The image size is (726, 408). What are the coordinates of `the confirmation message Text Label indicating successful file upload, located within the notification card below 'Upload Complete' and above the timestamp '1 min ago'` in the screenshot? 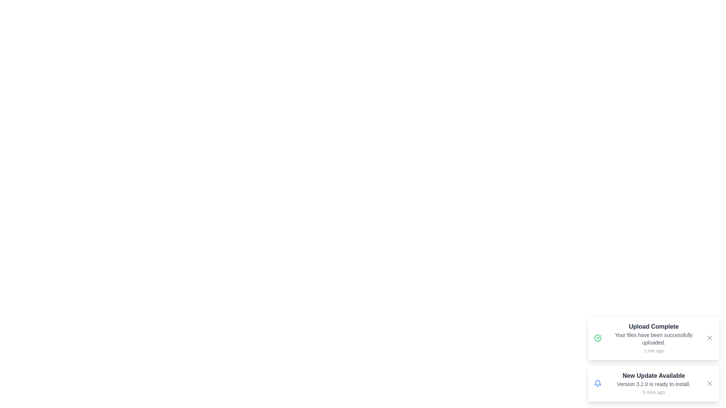 It's located at (653, 338).